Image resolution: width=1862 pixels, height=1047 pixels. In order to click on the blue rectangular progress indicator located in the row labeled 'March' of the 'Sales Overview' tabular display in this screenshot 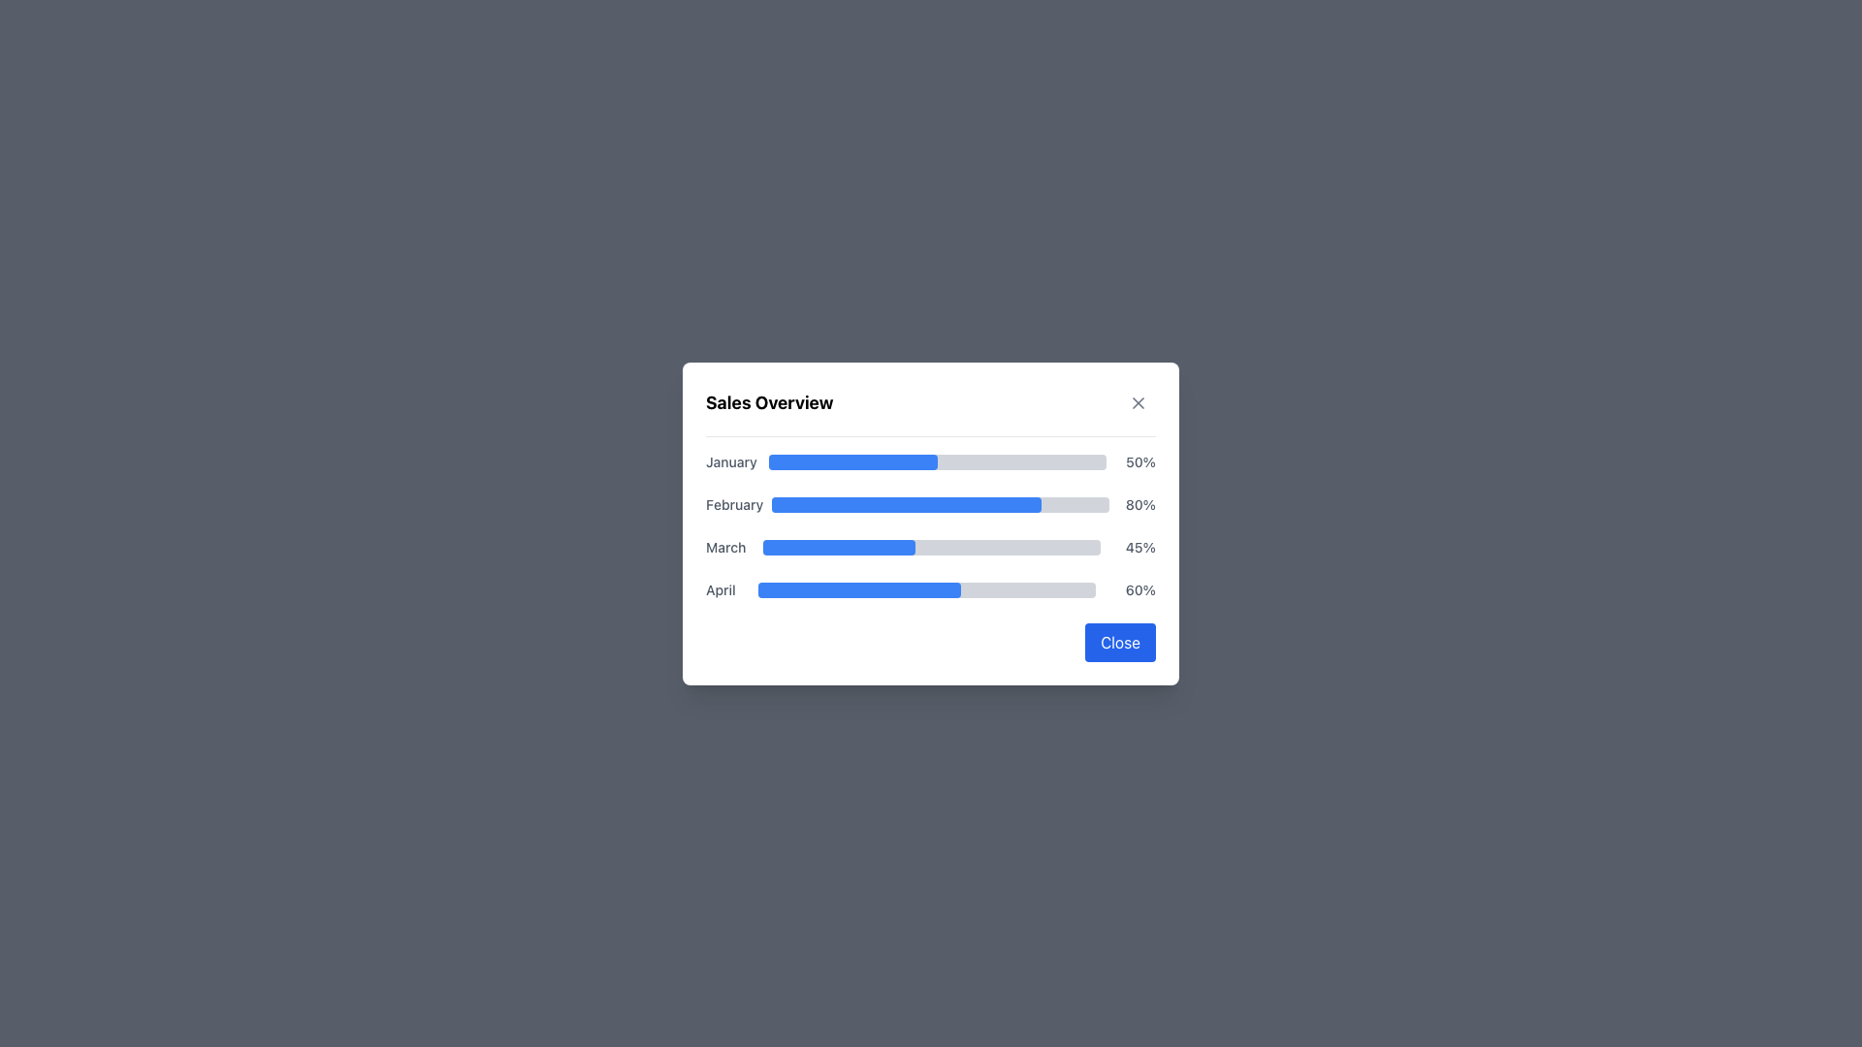, I will do `click(839, 547)`.